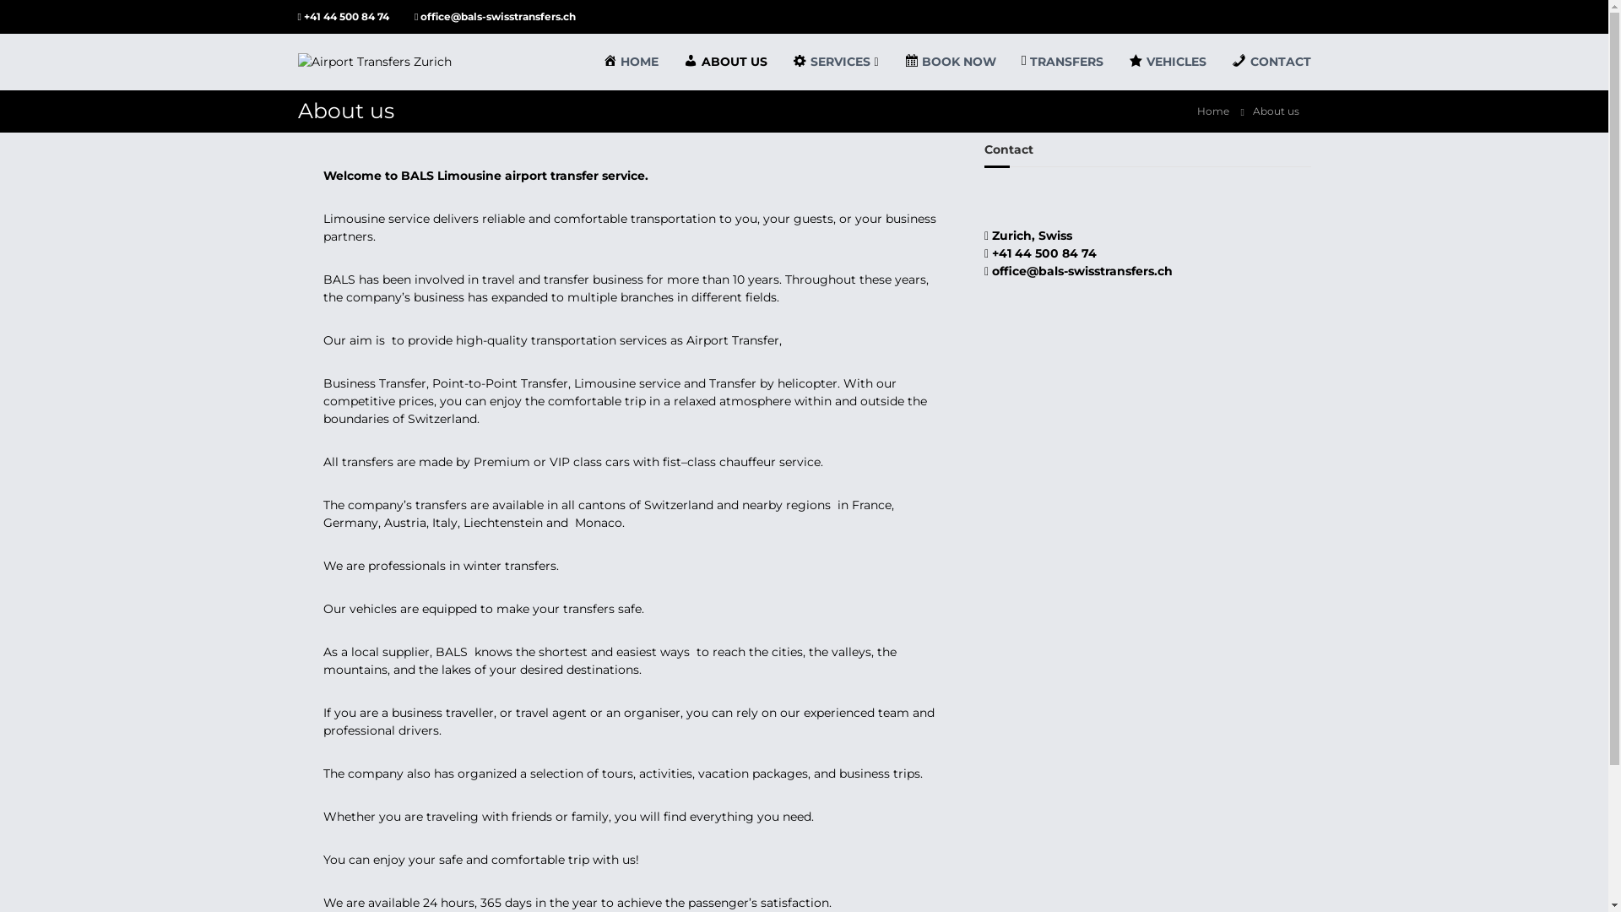 This screenshot has width=1621, height=912. Describe the element at coordinates (603, 61) in the screenshot. I see `'HOME'` at that location.